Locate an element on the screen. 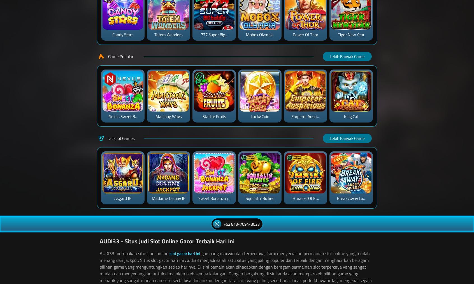  'Mahjong Ways' is located at coordinates (168, 116).